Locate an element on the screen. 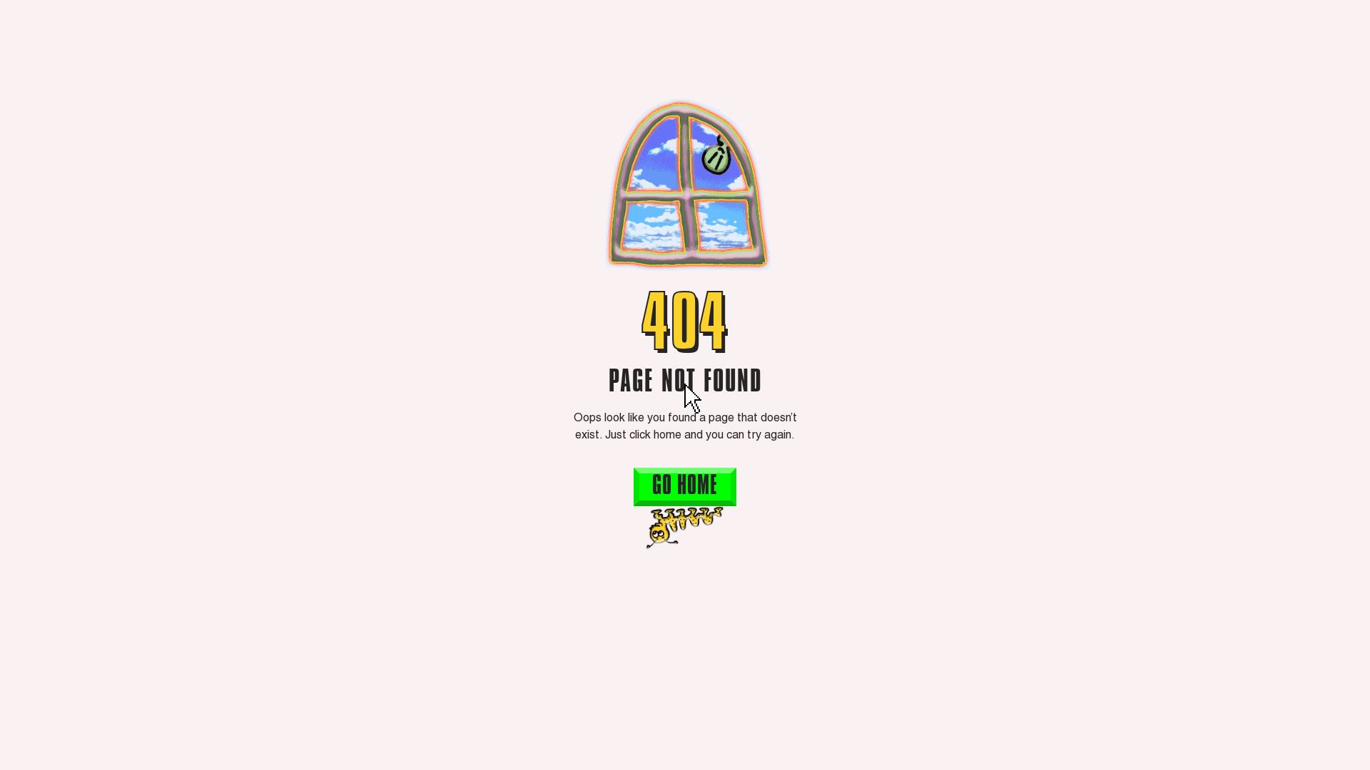  'GO HOME' is located at coordinates (633, 486).